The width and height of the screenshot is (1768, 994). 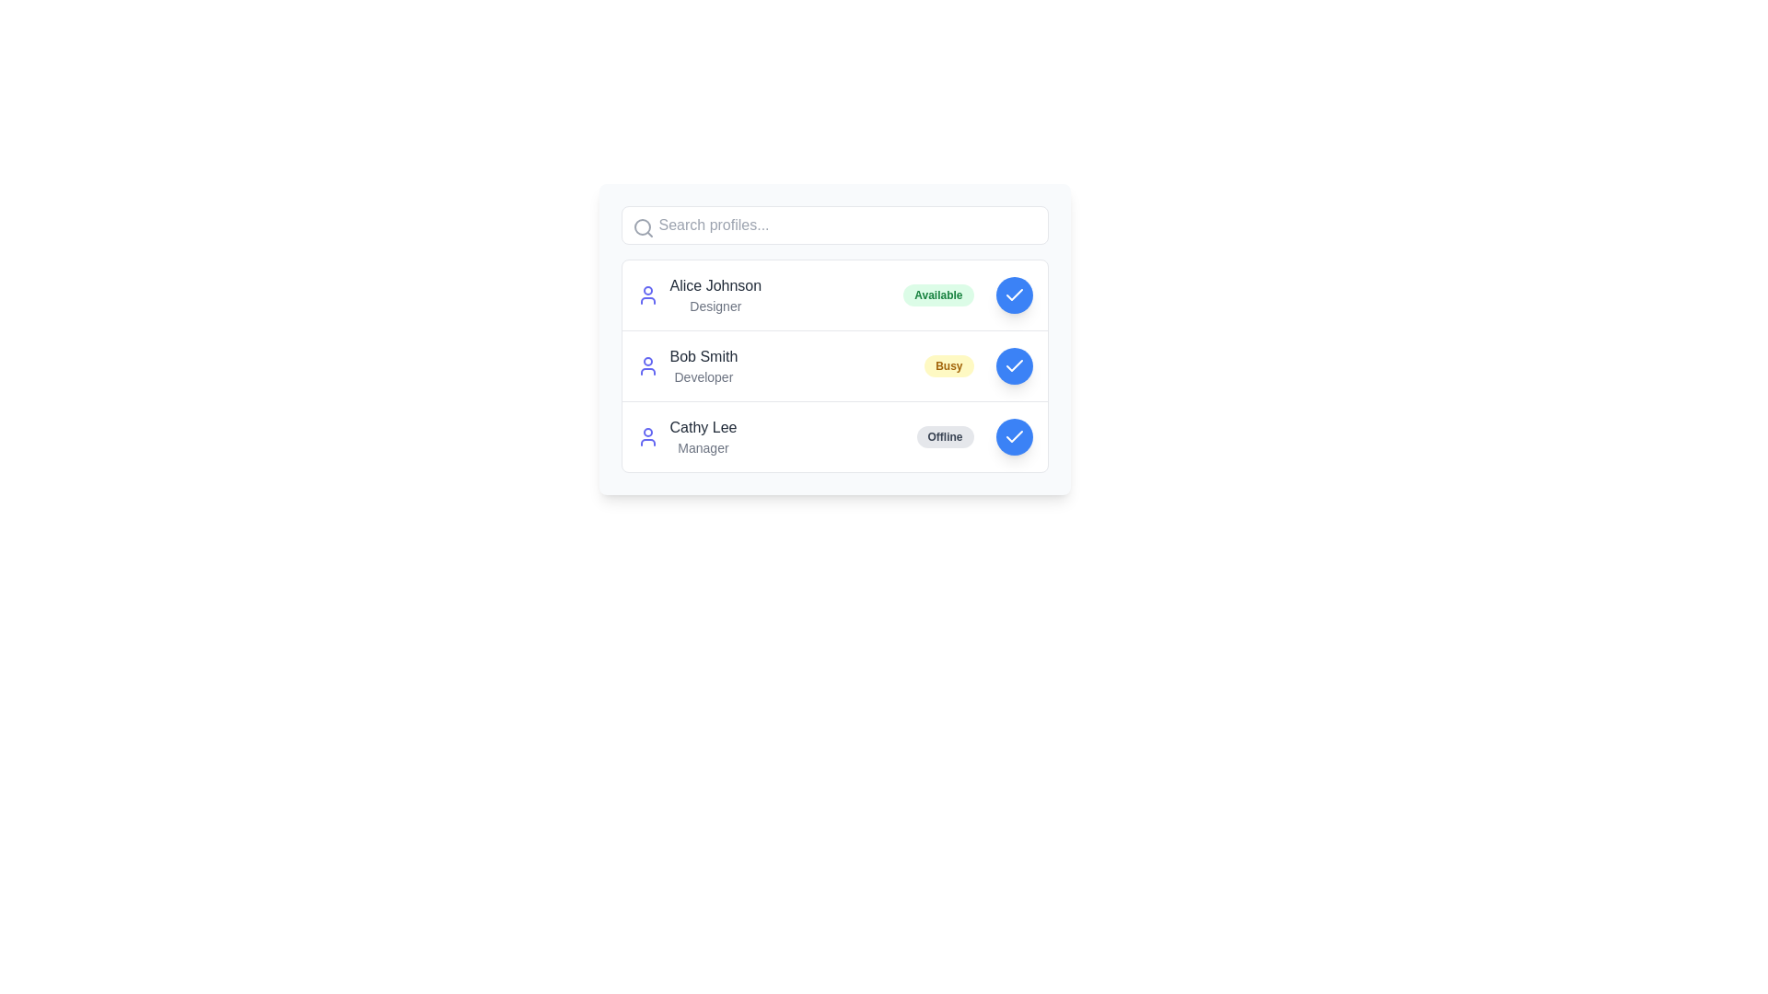 What do you see at coordinates (703, 376) in the screenshot?
I see `the static text label displaying 'Developer' located directly below 'Bob Smith'` at bounding box center [703, 376].